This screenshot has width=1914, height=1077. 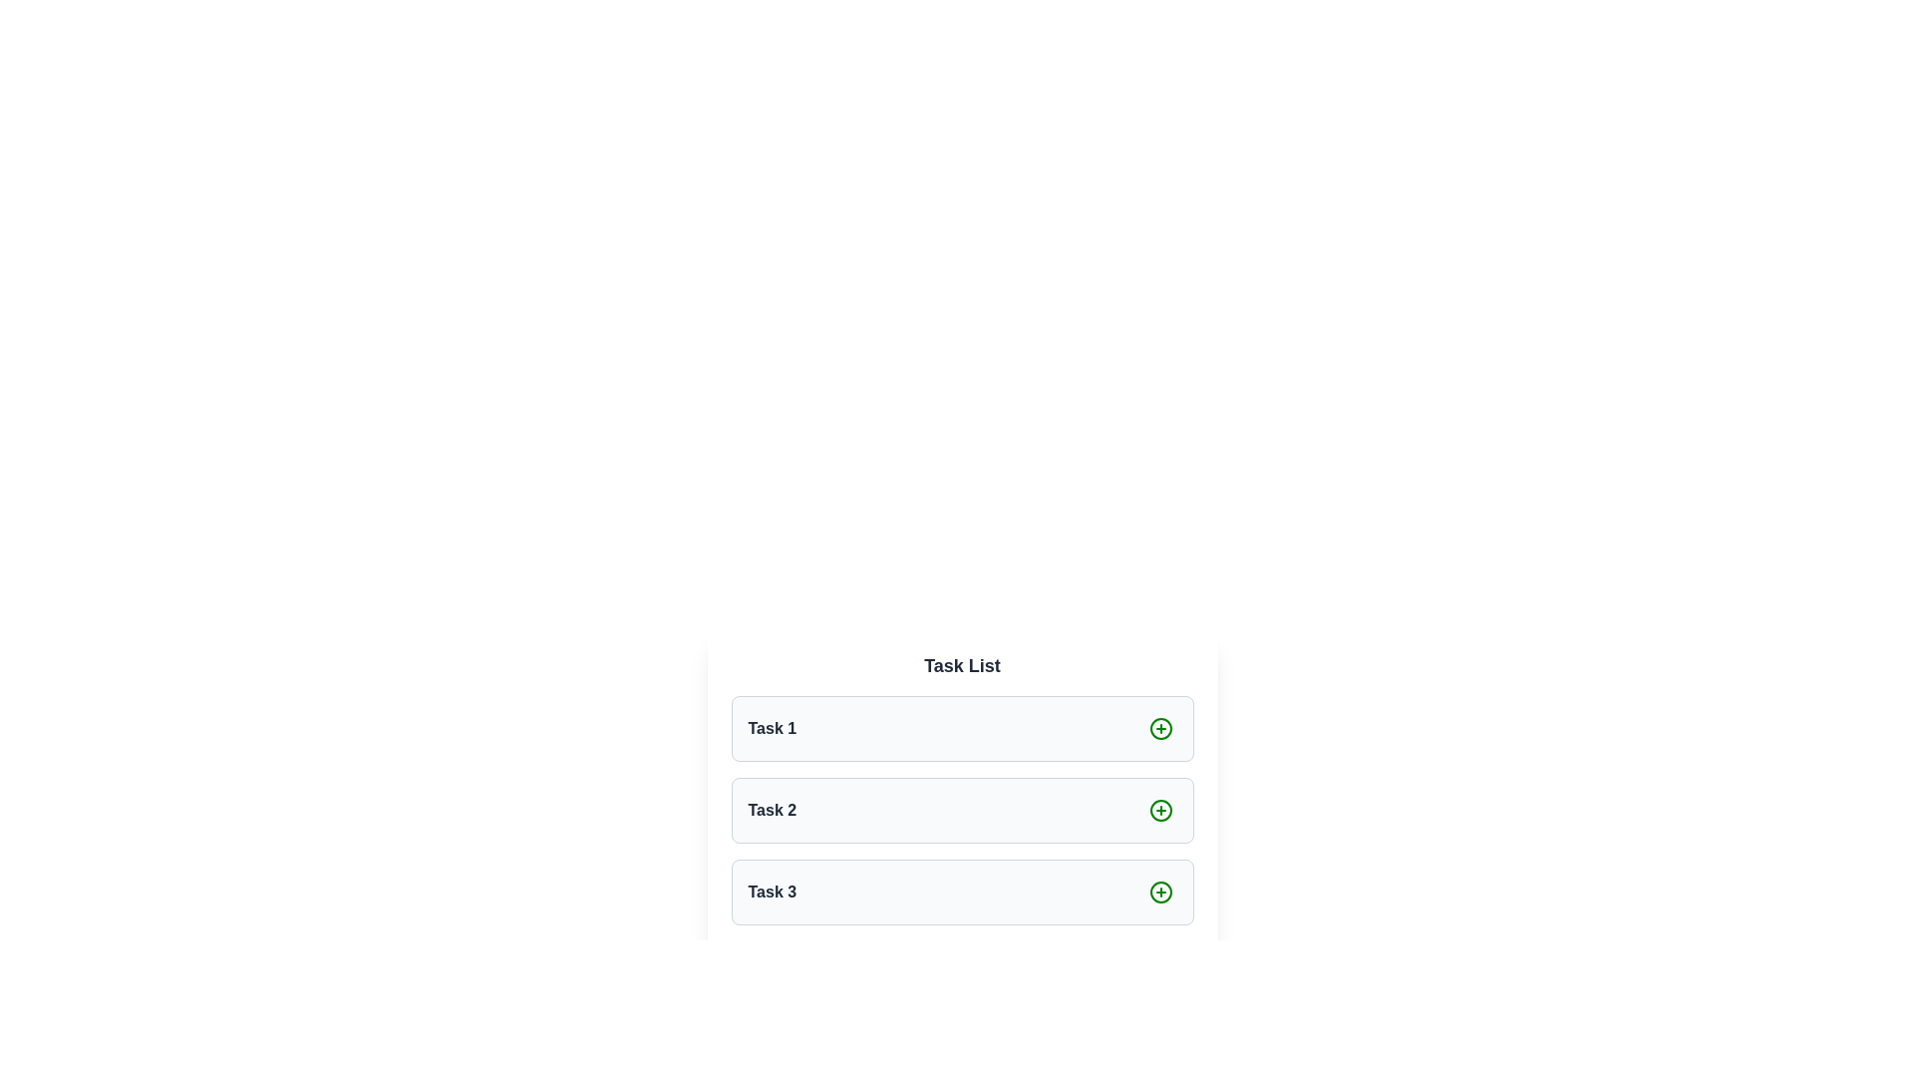 I want to click on the interactive addition button located at the topmost item of the list, adjacent to the title 'Task 1', positioned on the far right within the row, so click(x=1160, y=729).